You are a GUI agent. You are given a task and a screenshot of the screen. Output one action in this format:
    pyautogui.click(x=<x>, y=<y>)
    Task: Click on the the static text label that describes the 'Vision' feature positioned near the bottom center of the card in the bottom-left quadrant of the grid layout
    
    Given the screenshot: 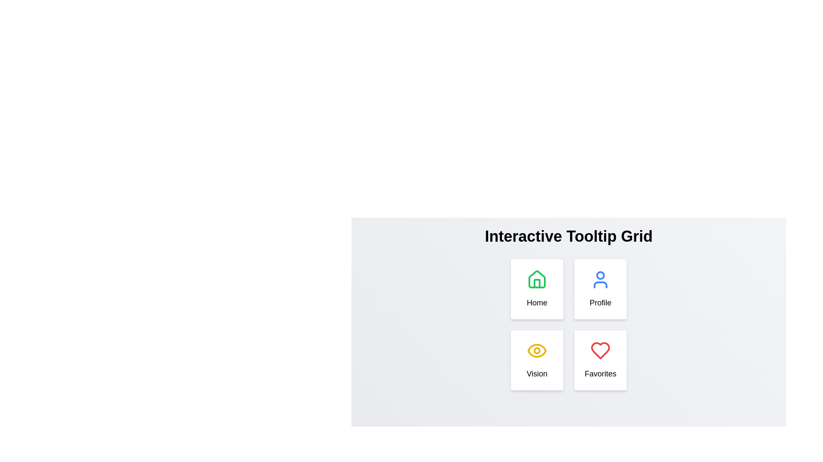 What is the action you would take?
    pyautogui.click(x=536, y=373)
    